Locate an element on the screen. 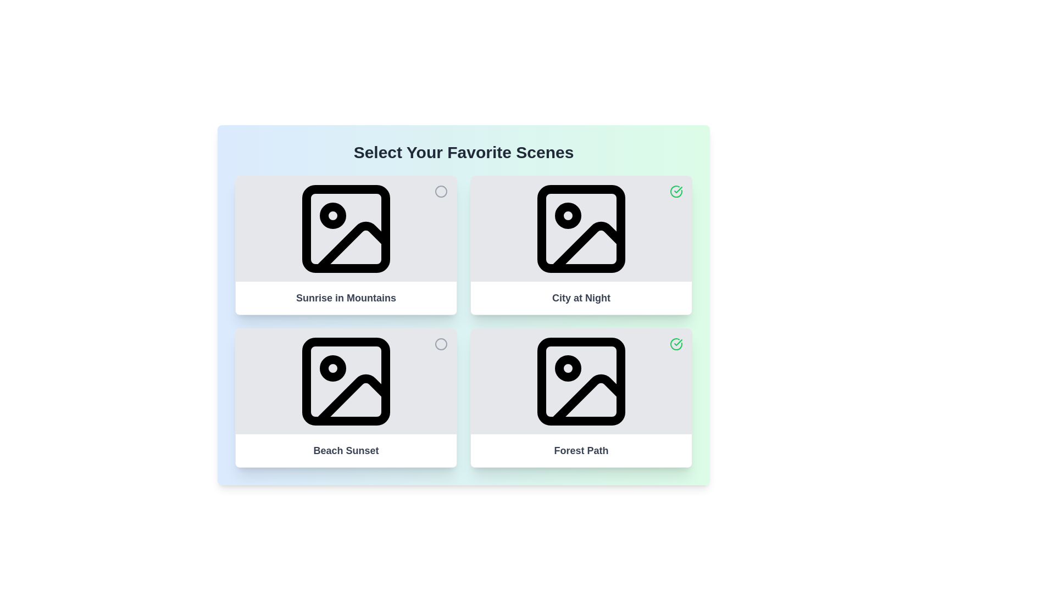 This screenshot has height=593, width=1055. the description of the media item titled Sunrise in Mountains is located at coordinates (345, 298).